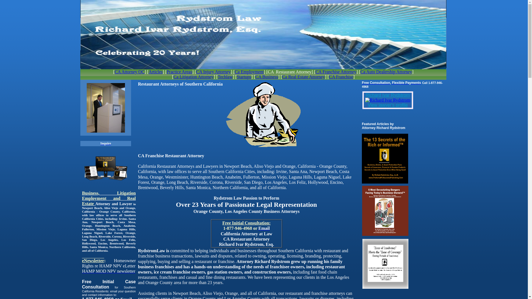 The width and height of the screenshot is (532, 299). Describe the element at coordinates (244, 77) in the screenshot. I see `'Startups'` at that location.